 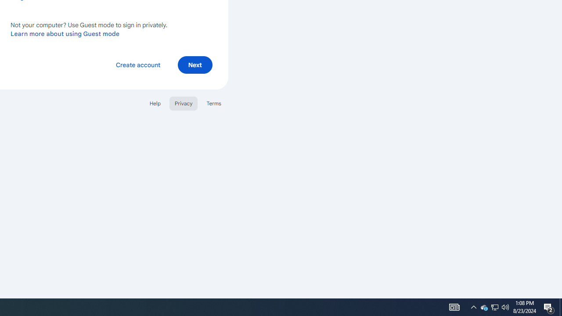 What do you see at coordinates (183, 103) in the screenshot?
I see `'Privacy'` at bounding box center [183, 103].